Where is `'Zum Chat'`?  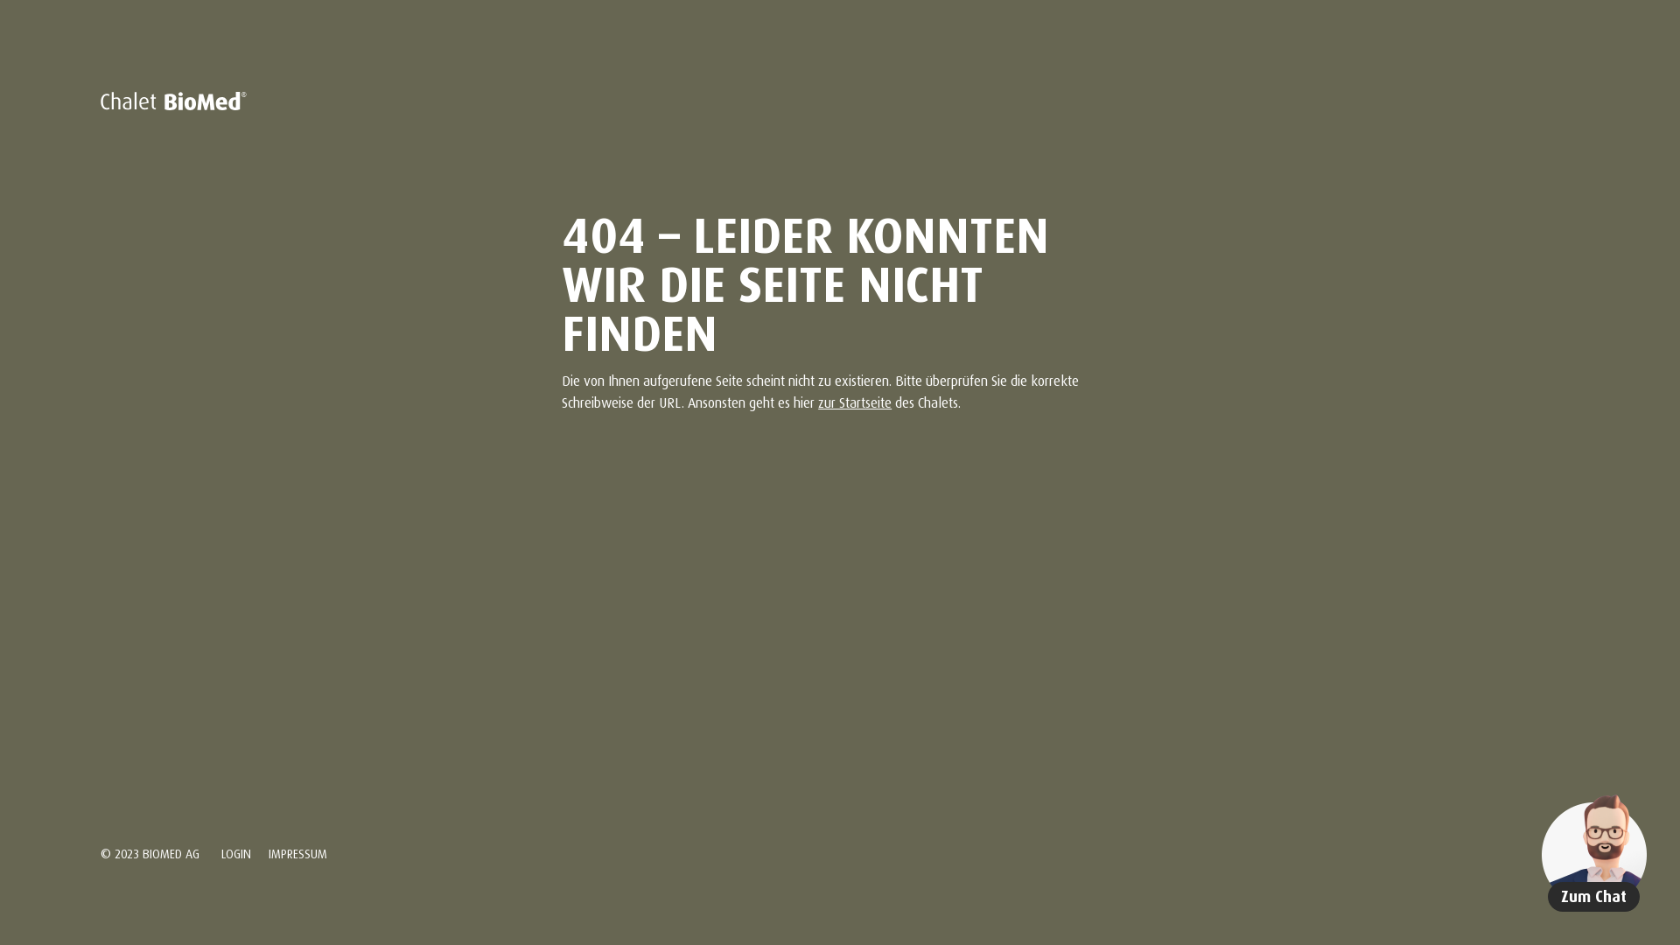 'Zum Chat' is located at coordinates (1594, 850).